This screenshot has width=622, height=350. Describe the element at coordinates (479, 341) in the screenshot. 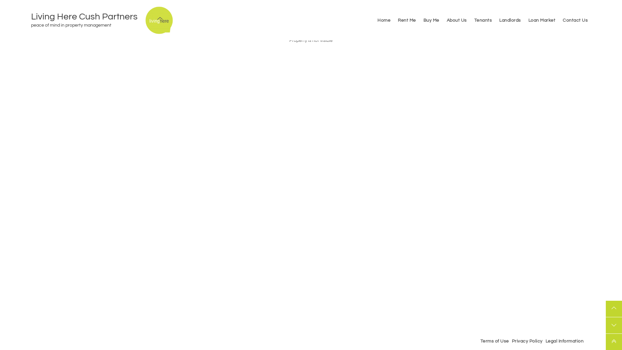

I see `'Terms of Use'` at that location.